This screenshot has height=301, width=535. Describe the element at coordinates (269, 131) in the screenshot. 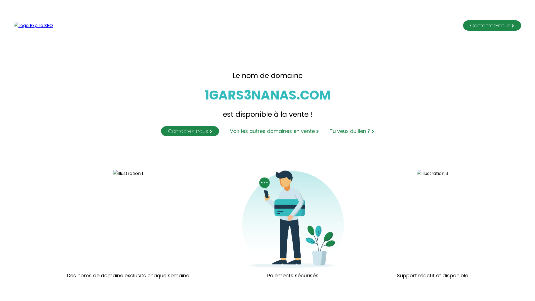

I see `'Voir les autres domaines en vente'` at that location.